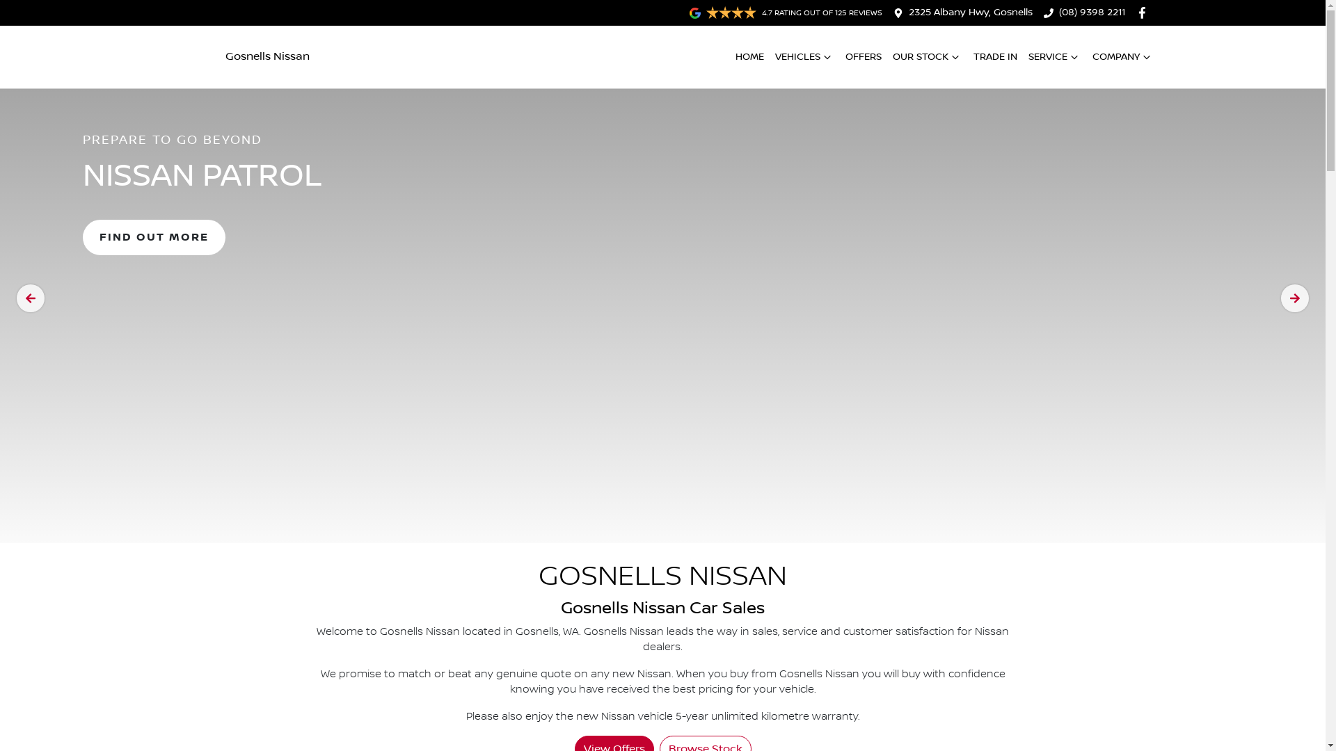  What do you see at coordinates (970, 13) in the screenshot?
I see `'2325 Albany Hwy, Gosnells'` at bounding box center [970, 13].